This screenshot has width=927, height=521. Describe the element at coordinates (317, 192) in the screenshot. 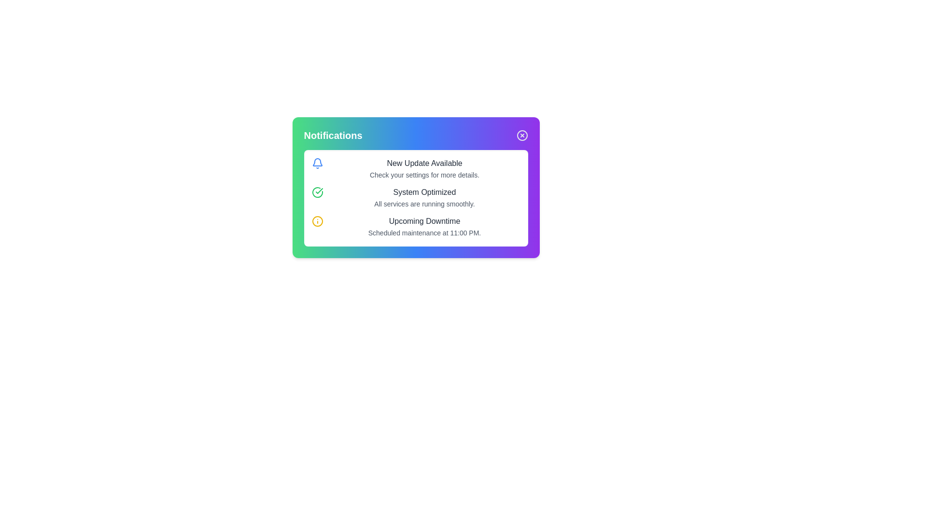

I see `the system status icon located to the left of the text block 'System Optimized - All services are running smoothly.' within the notification card` at that location.